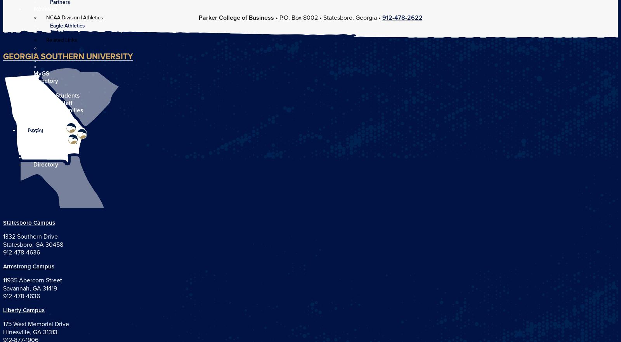 This screenshot has width=621, height=342. Describe the element at coordinates (16, 288) in the screenshot. I see `'Savannah'` at that location.